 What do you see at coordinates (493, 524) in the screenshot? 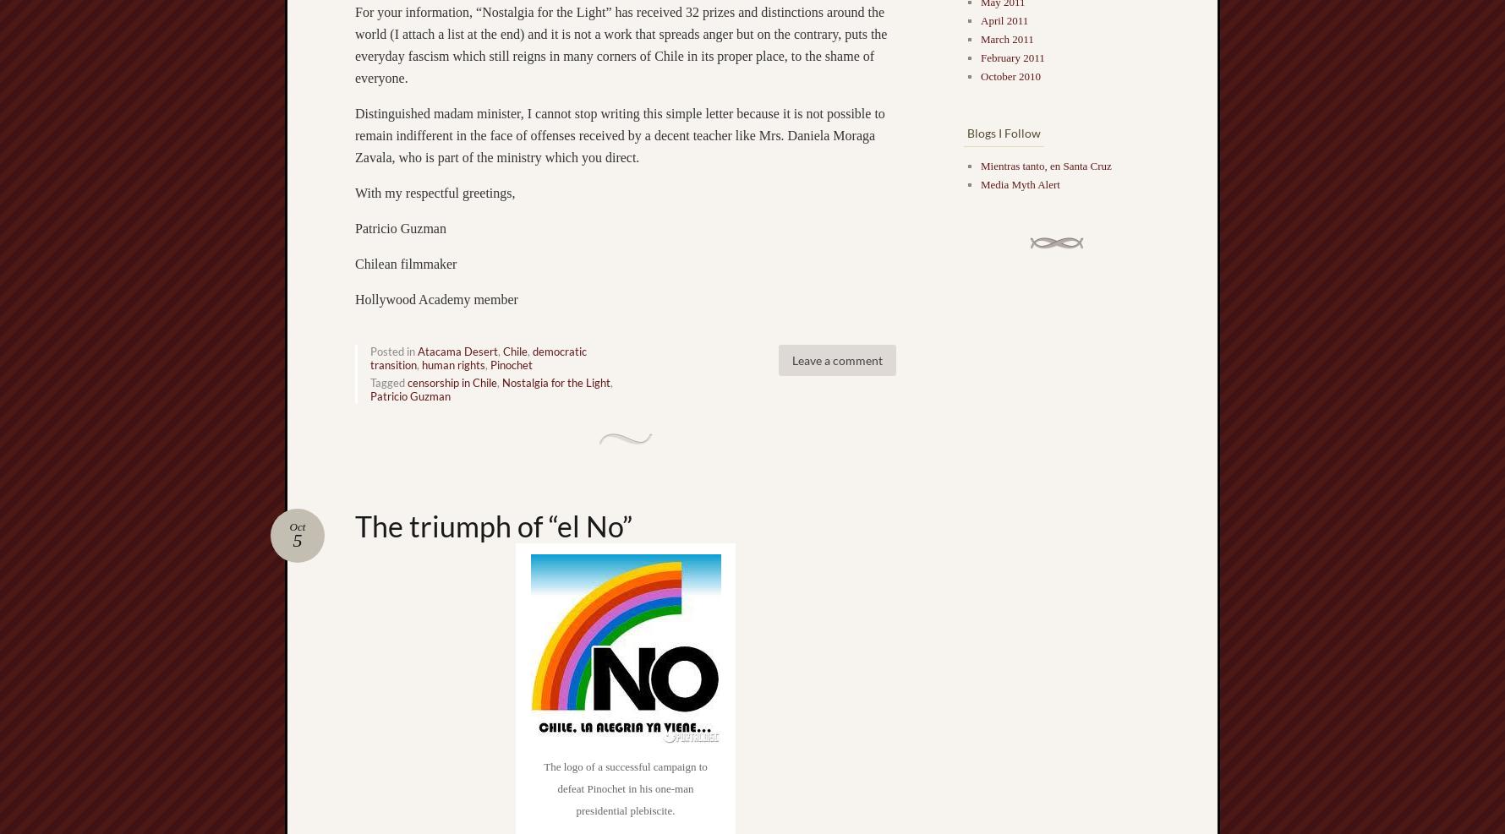
I see `'The triumph of “el No”'` at bounding box center [493, 524].